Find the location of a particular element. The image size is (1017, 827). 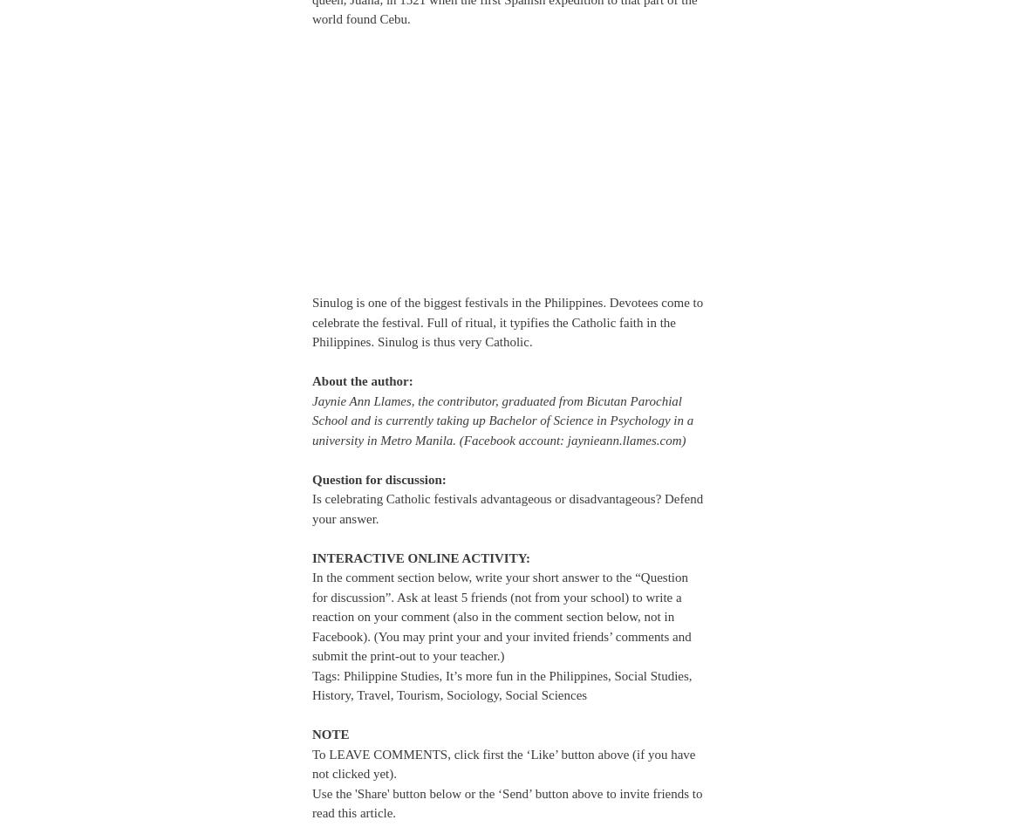

'About the author:' is located at coordinates (363, 380).